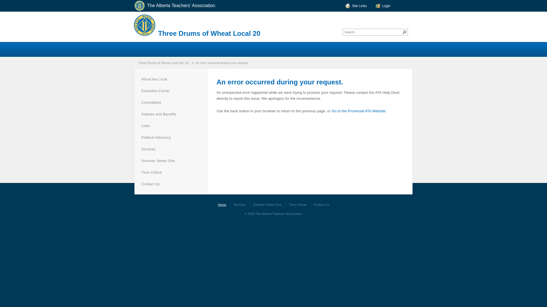  What do you see at coordinates (401, 32) in the screenshot?
I see `'Search'` at bounding box center [401, 32].